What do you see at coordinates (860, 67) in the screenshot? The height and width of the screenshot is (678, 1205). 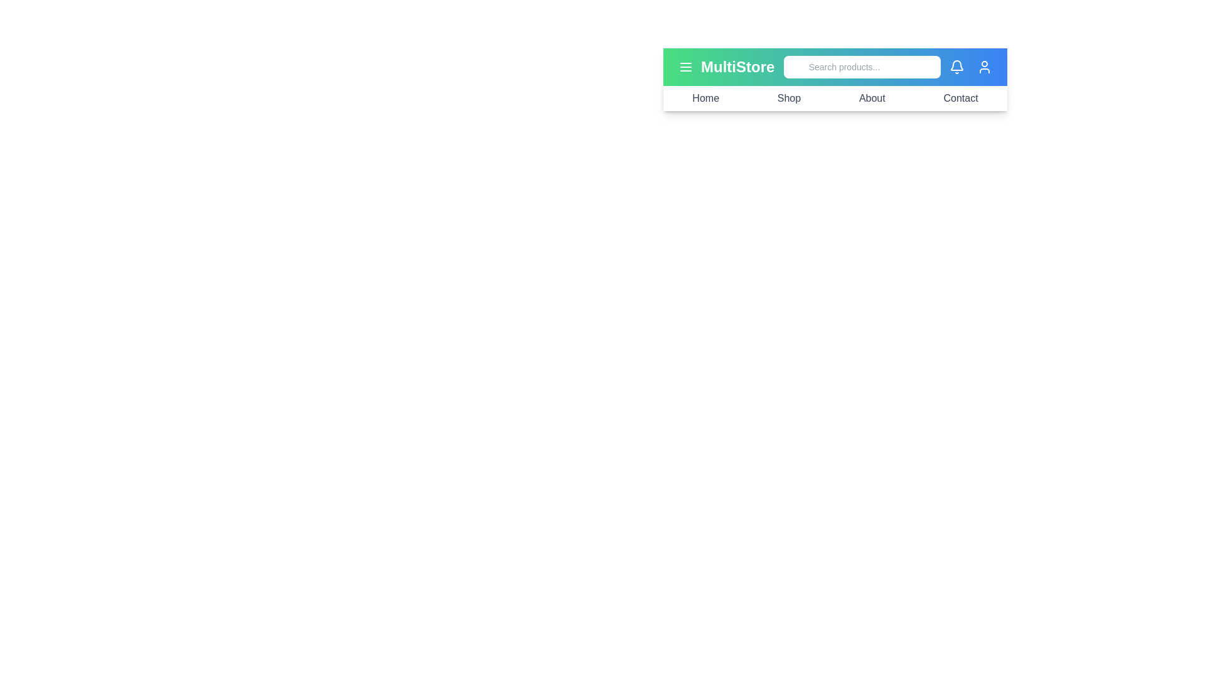 I see `the search input field and type the text 'example'` at bounding box center [860, 67].